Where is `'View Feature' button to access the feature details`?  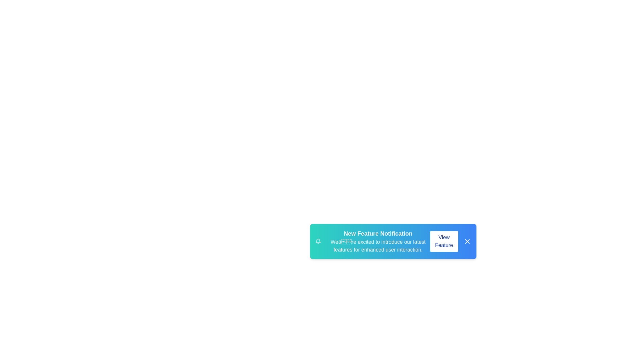 'View Feature' button to access the feature details is located at coordinates (444, 241).